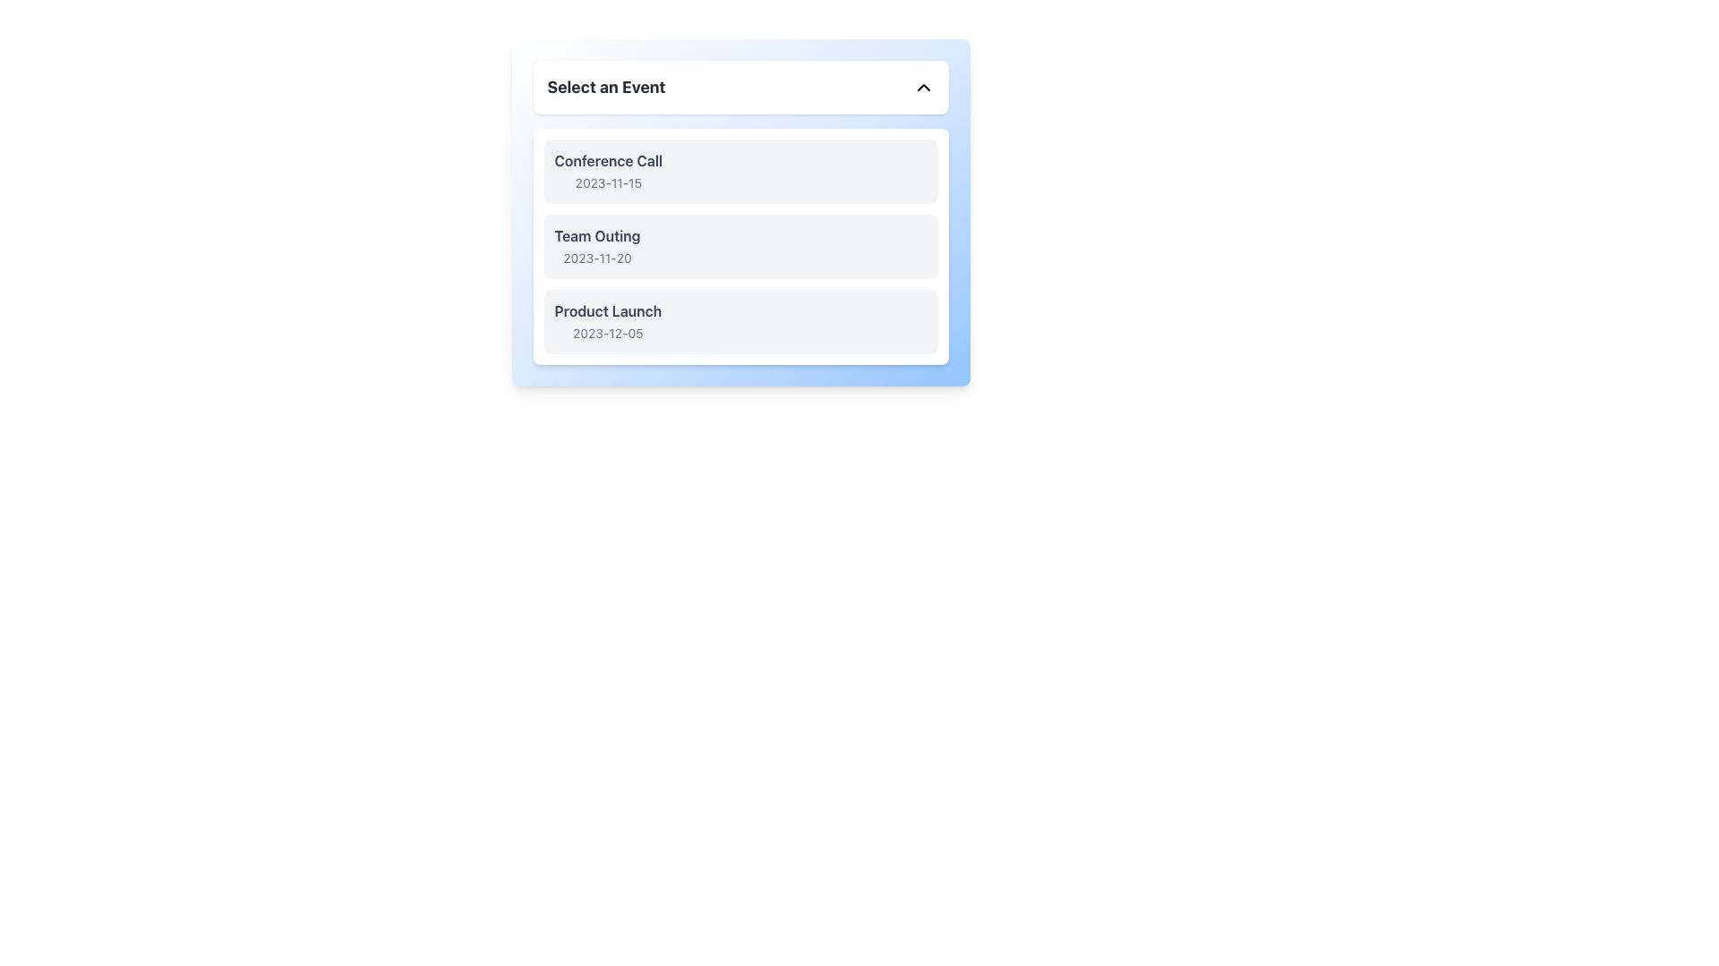 The height and width of the screenshot is (966, 1719). Describe the element at coordinates (740, 247) in the screenshot. I see `the second card in the list representing the event titled 'Team Outing' scheduled for '2023-11-20'` at that location.